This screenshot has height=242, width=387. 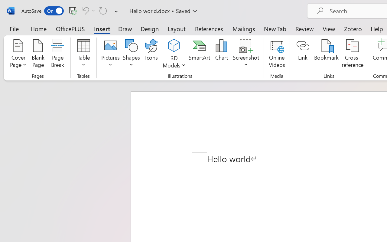 What do you see at coordinates (199, 54) in the screenshot?
I see `'SmartArt...'` at bounding box center [199, 54].